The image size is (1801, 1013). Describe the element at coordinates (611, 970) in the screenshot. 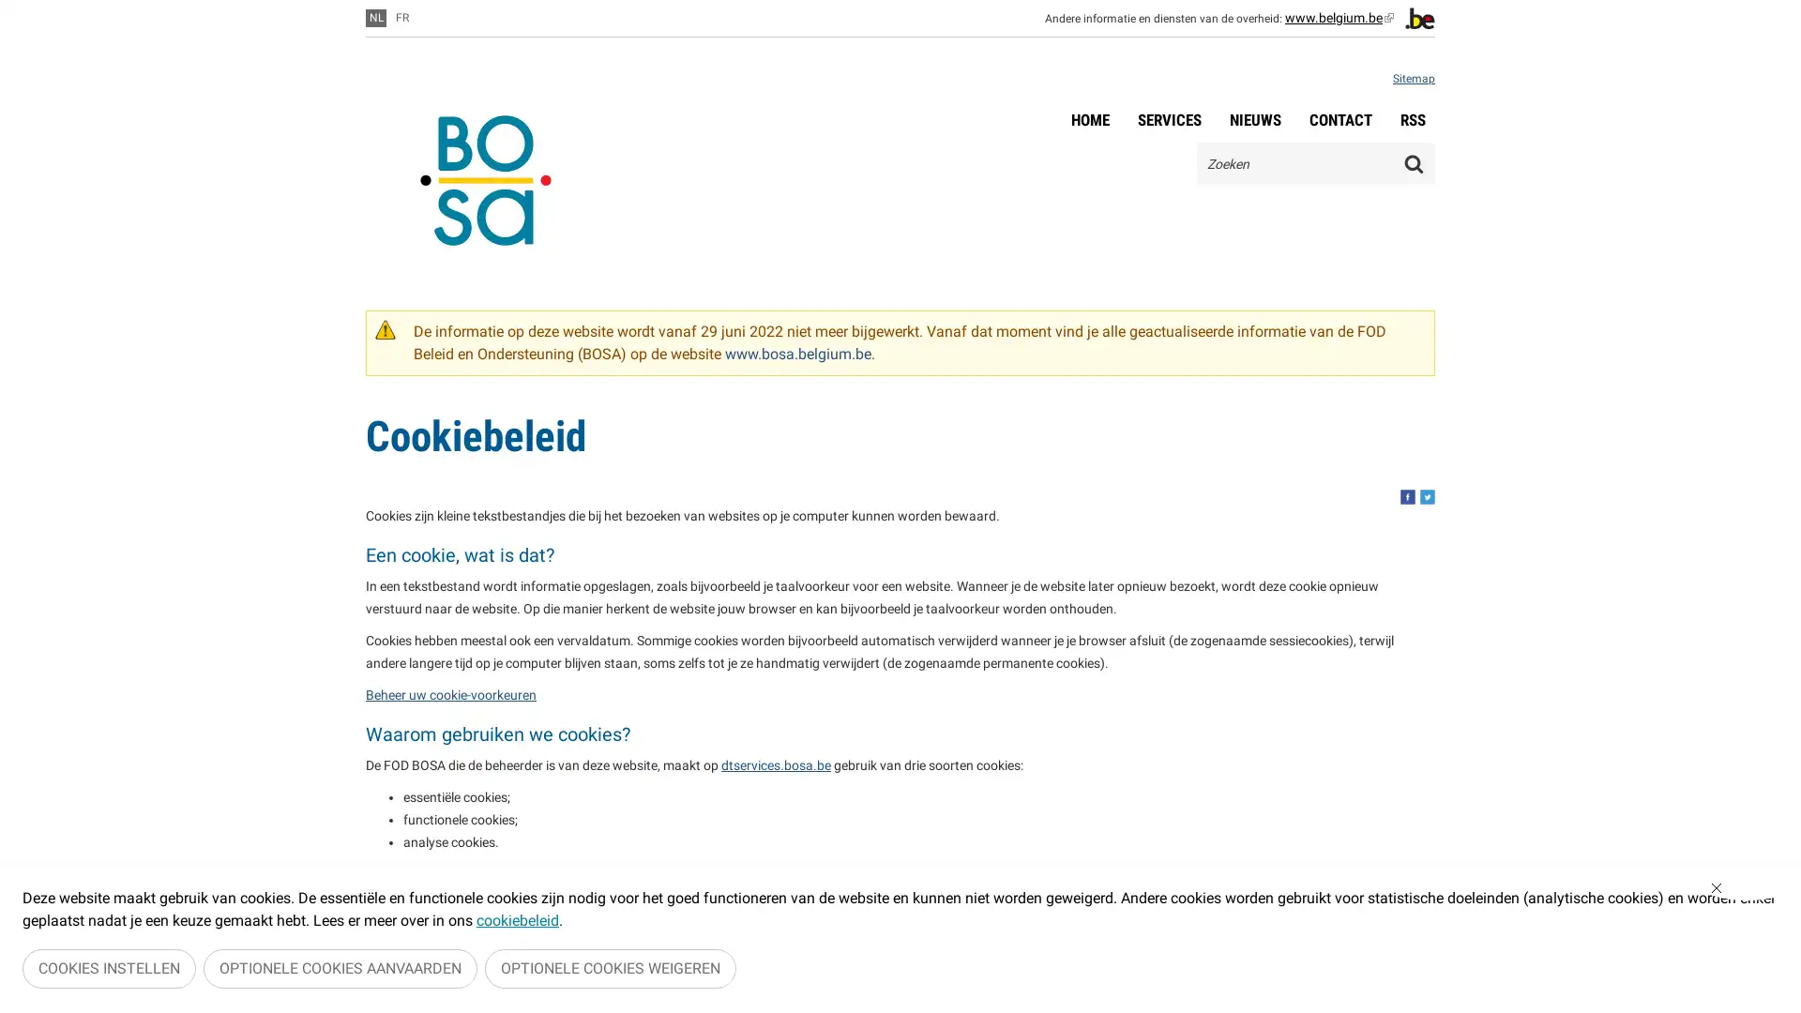

I see `OPTIONELE COOKIES WEIGEREN` at that location.